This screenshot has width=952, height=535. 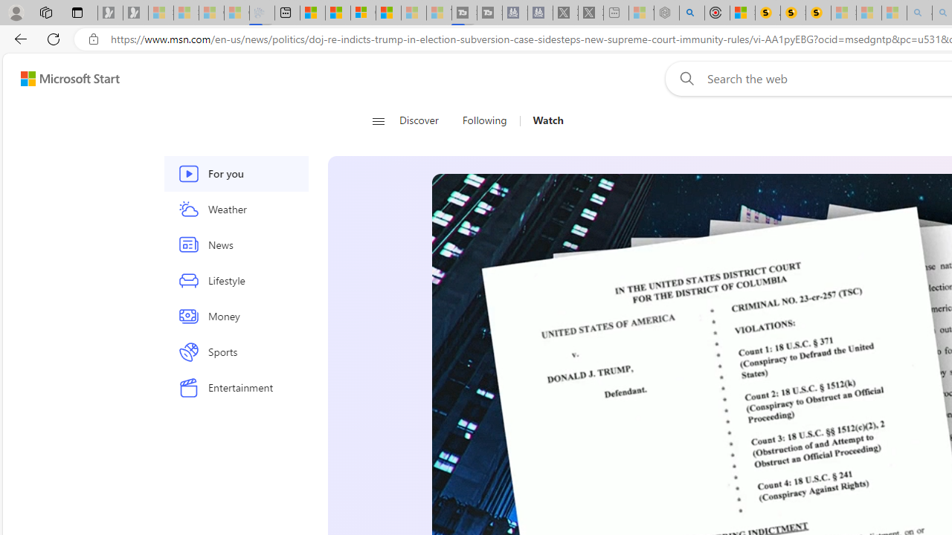 I want to click on 'Microsoft Start - Sleeping', so click(x=414, y=13).